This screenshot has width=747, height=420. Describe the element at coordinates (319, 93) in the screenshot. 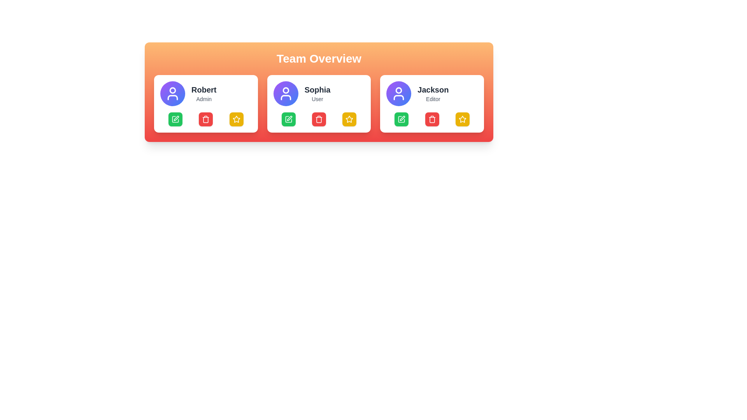

I see `the User Profile Card displaying the user's name and role, which is centrally positioned` at that location.